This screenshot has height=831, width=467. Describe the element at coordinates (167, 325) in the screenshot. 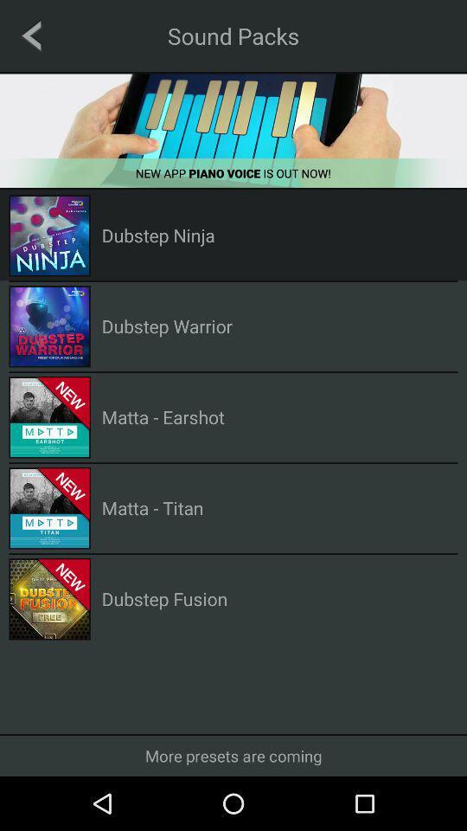

I see `the dubstep warrior app` at that location.